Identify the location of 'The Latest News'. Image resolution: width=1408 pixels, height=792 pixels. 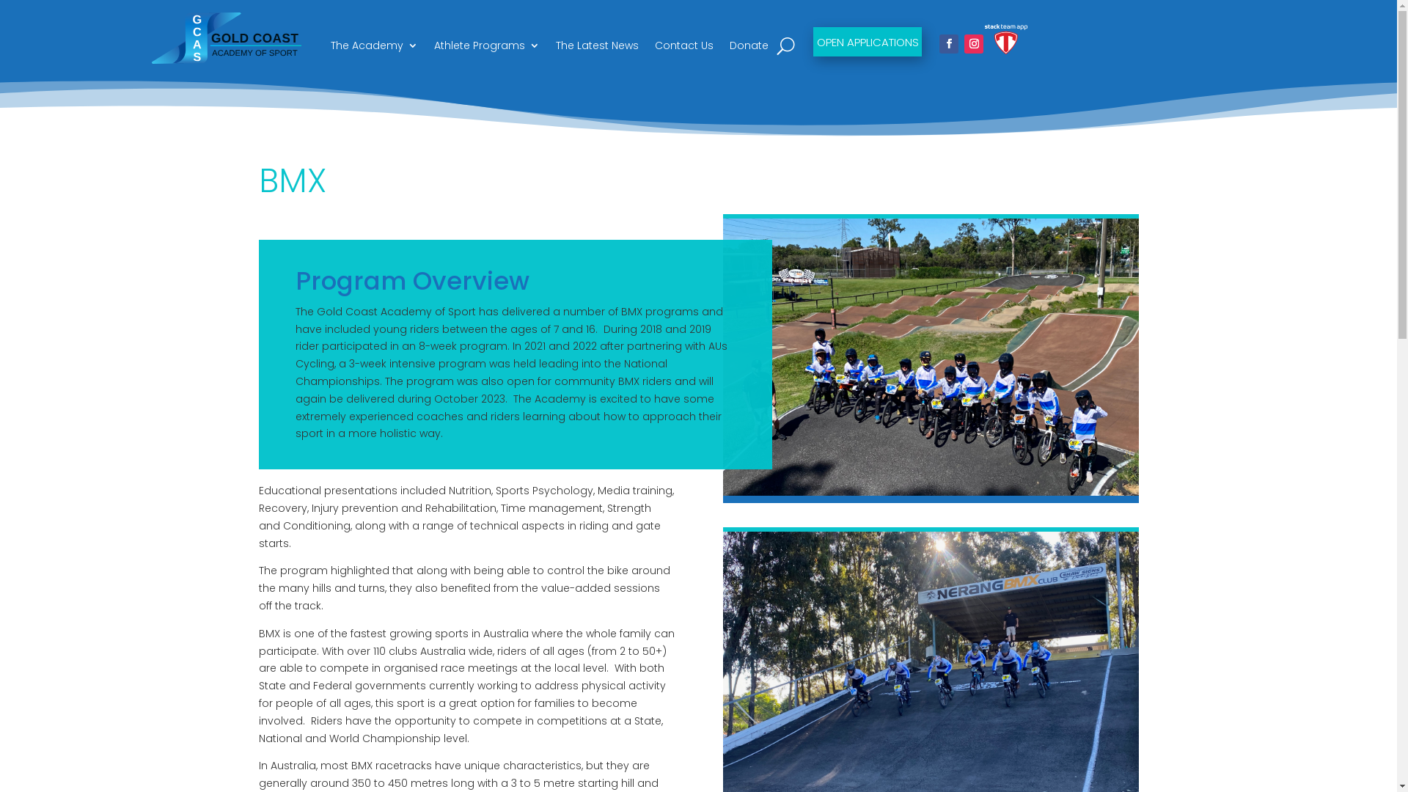
(597, 47).